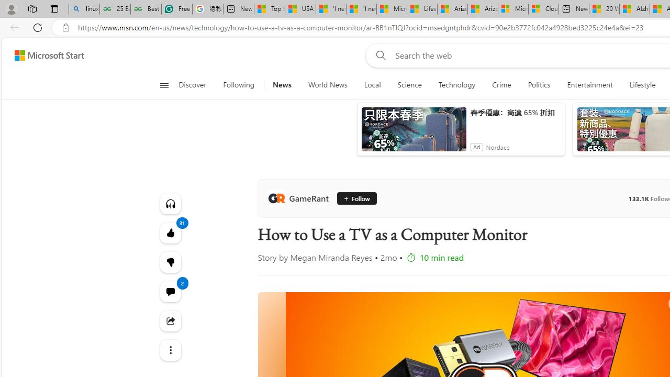 The width and height of the screenshot is (670, 377). I want to click on 'Entertainment', so click(590, 85).